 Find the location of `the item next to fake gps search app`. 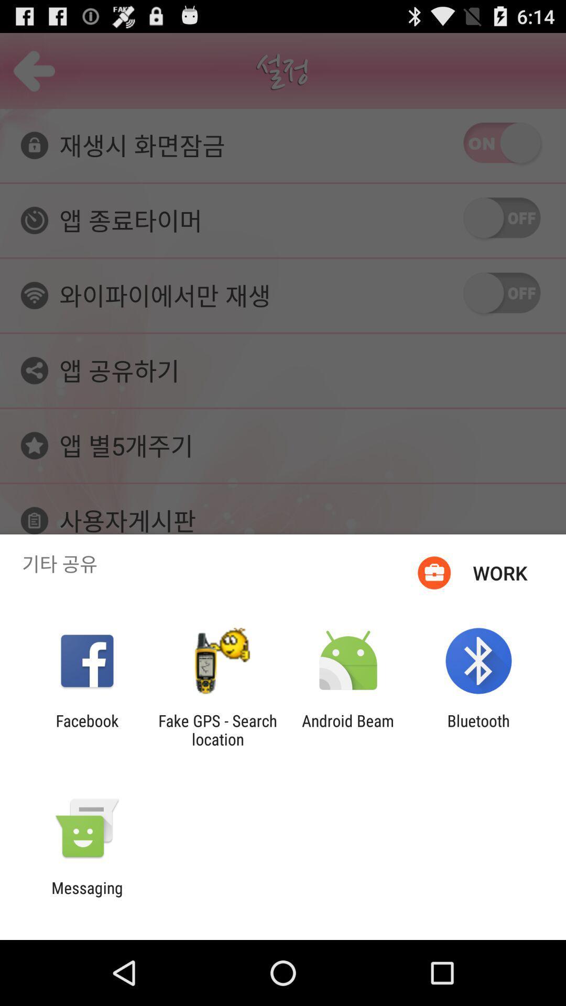

the item next to fake gps search app is located at coordinates (348, 729).